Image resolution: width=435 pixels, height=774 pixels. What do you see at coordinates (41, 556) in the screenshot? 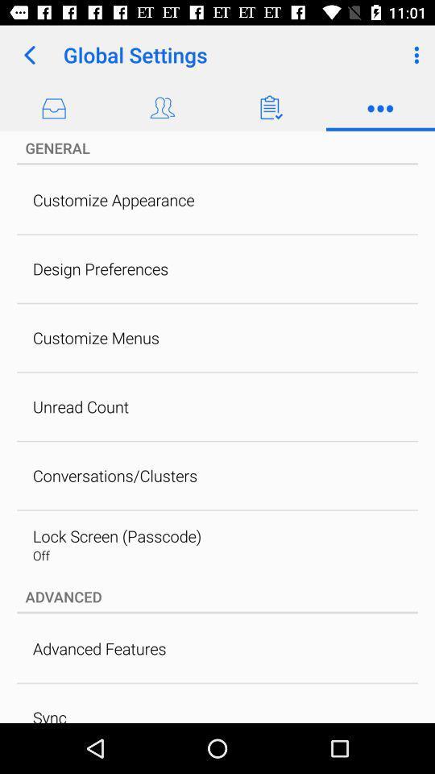
I see `item below lock screen (passcode) app` at bounding box center [41, 556].